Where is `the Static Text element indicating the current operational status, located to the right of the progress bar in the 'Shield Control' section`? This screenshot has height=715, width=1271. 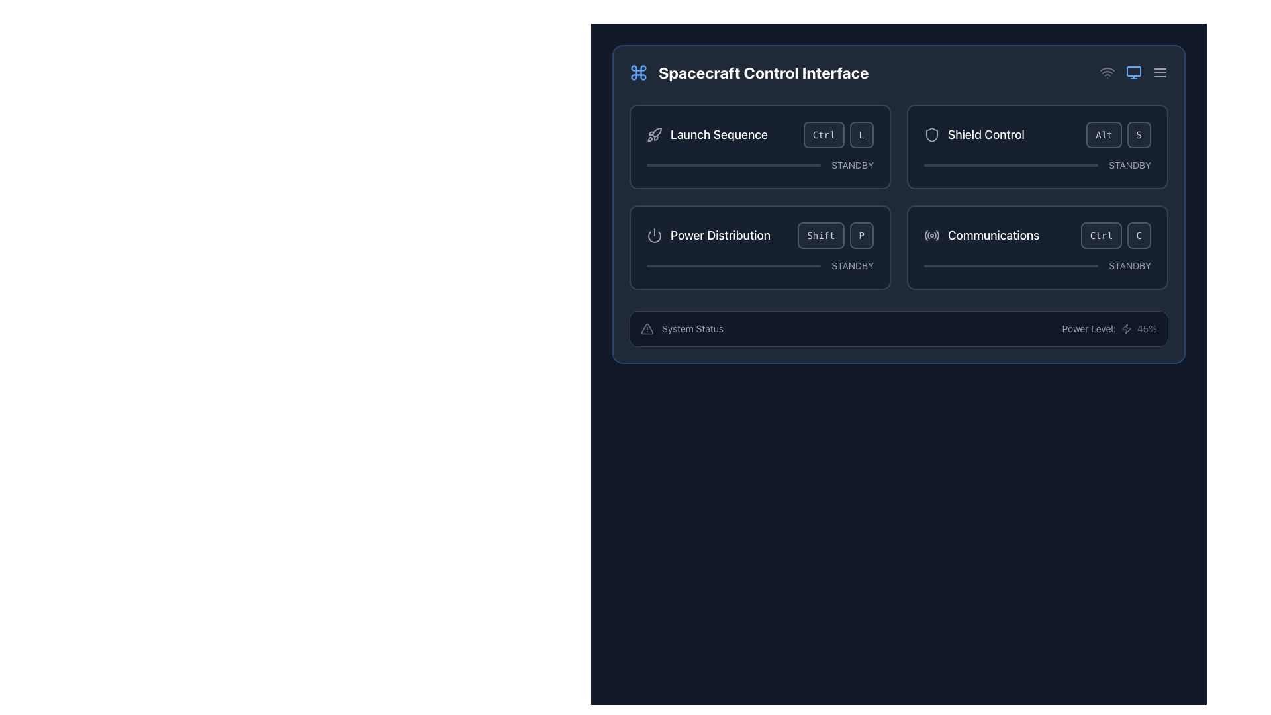 the Static Text element indicating the current operational status, located to the right of the progress bar in the 'Shield Control' section is located at coordinates (1129, 165).